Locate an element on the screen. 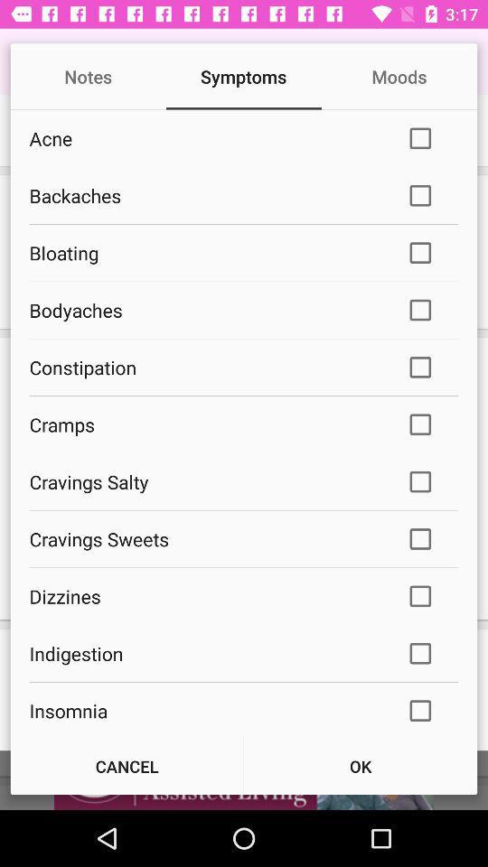 The width and height of the screenshot is (488, 867). the icon below backaches icon is located at coordinates (204, 252).